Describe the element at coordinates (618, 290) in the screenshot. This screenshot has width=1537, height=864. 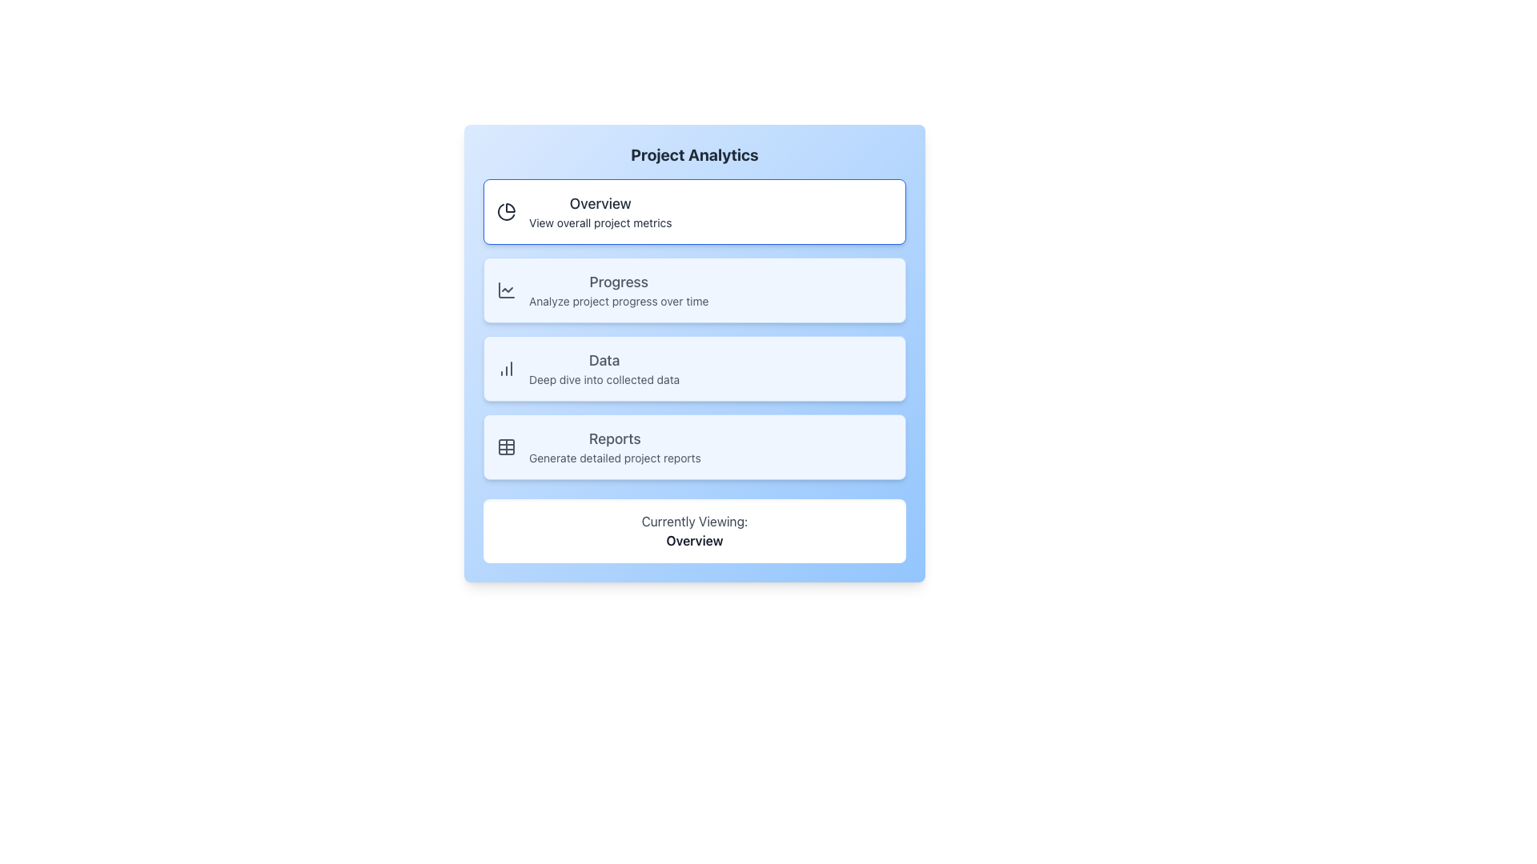
I see `the 'Progress' label located under 'Project Analytics'` at that location.